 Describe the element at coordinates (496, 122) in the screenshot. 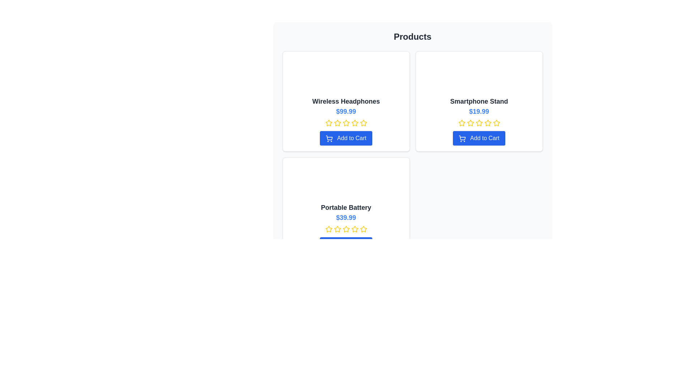

I see `the fifth yellow star-shaped rating icon in the product listing for the 'Smartphone Stand' located in the second card of the top row` at that location.